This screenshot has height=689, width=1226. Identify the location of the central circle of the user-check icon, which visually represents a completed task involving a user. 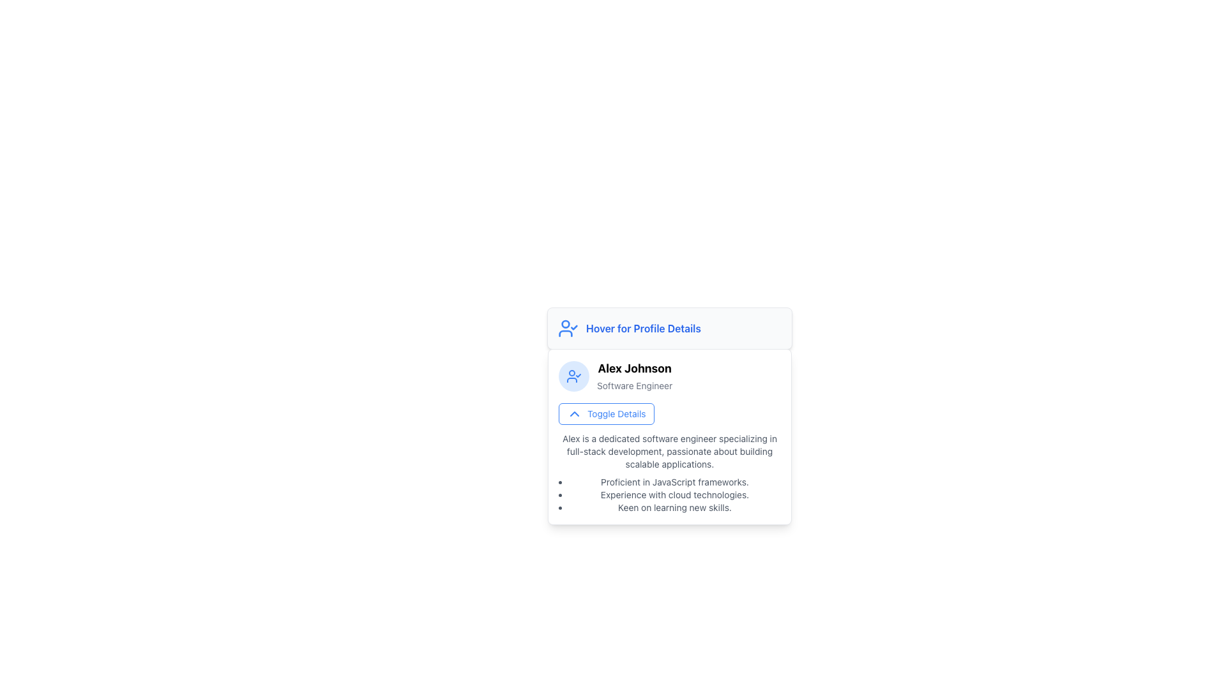
(565, 323).